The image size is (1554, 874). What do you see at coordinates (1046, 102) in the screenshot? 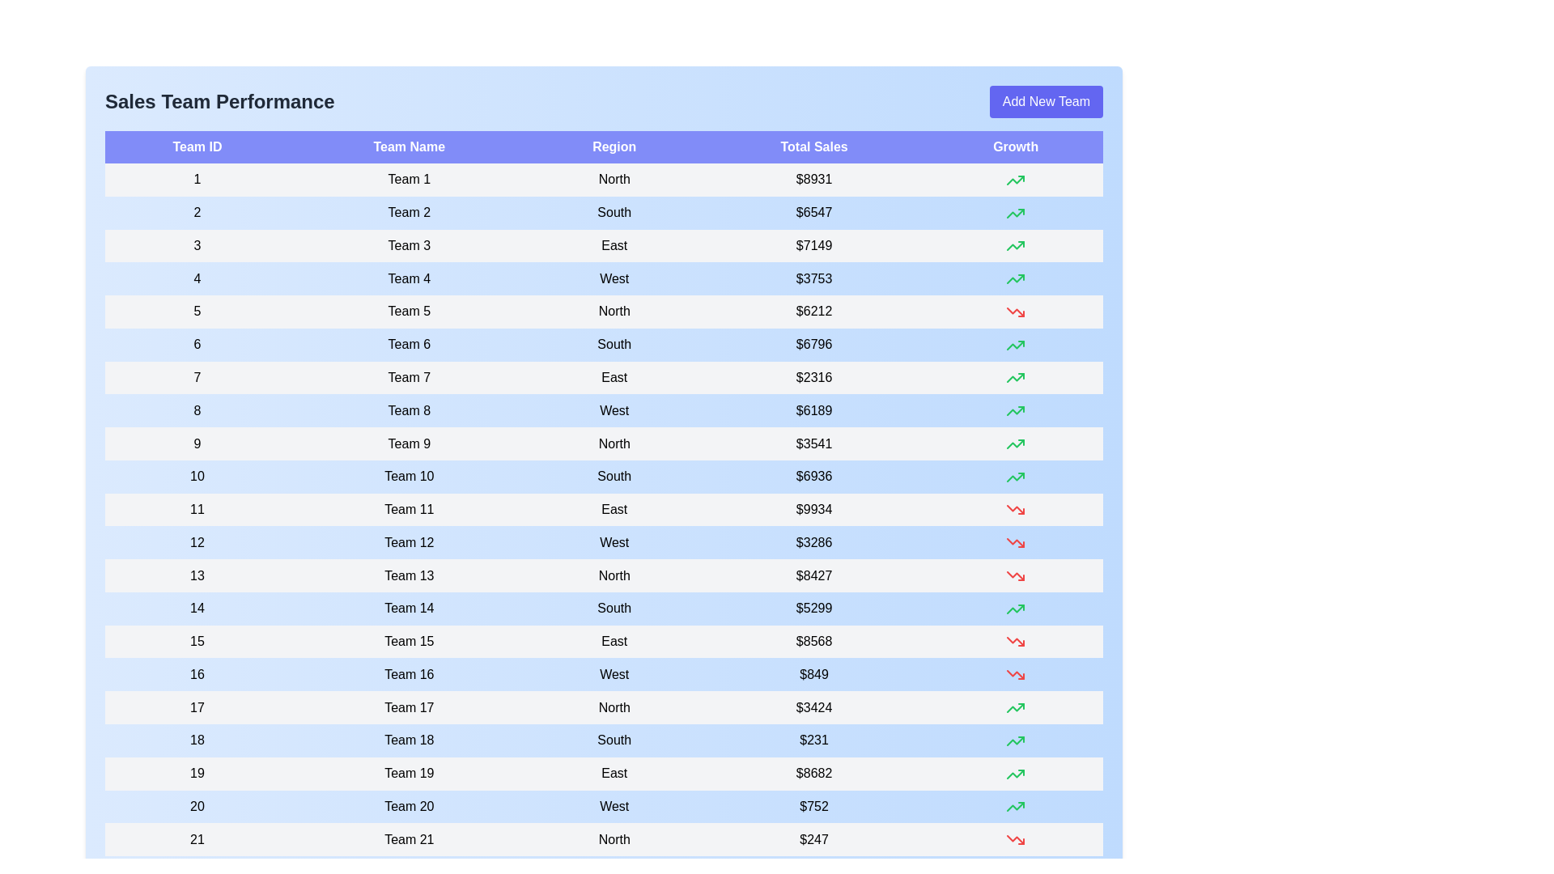
I see `the 'Add New Team' button to trigger the action` at bounding box center [1046, 102].